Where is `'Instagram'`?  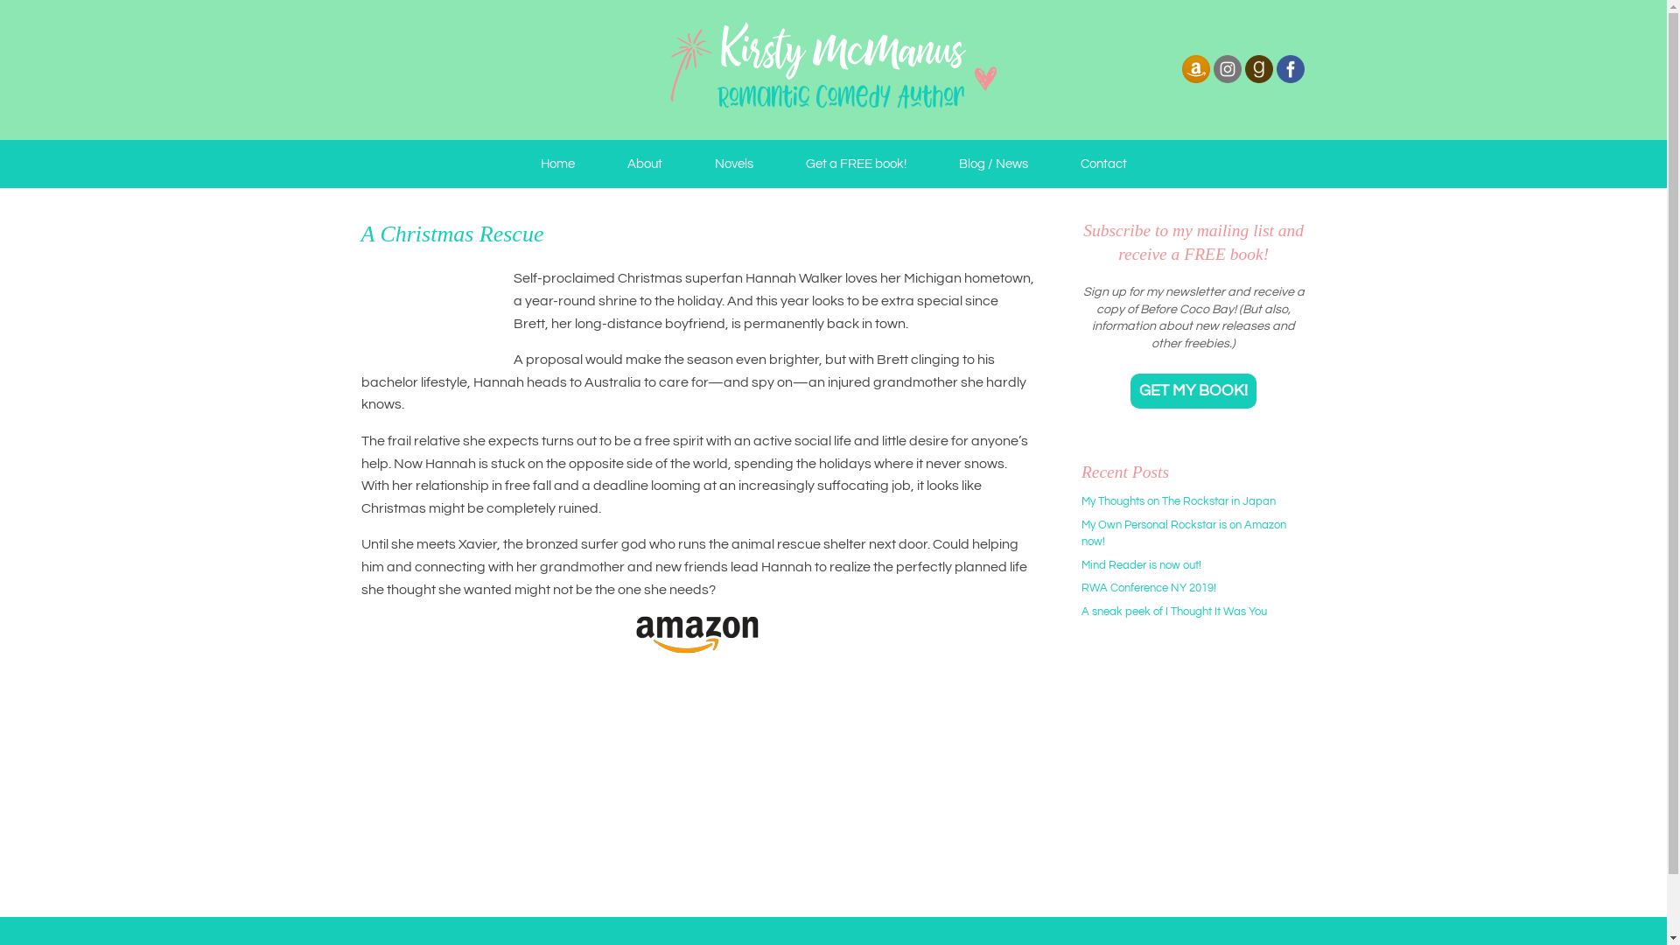 'Instagram' is located at coordinates (1225, 80).